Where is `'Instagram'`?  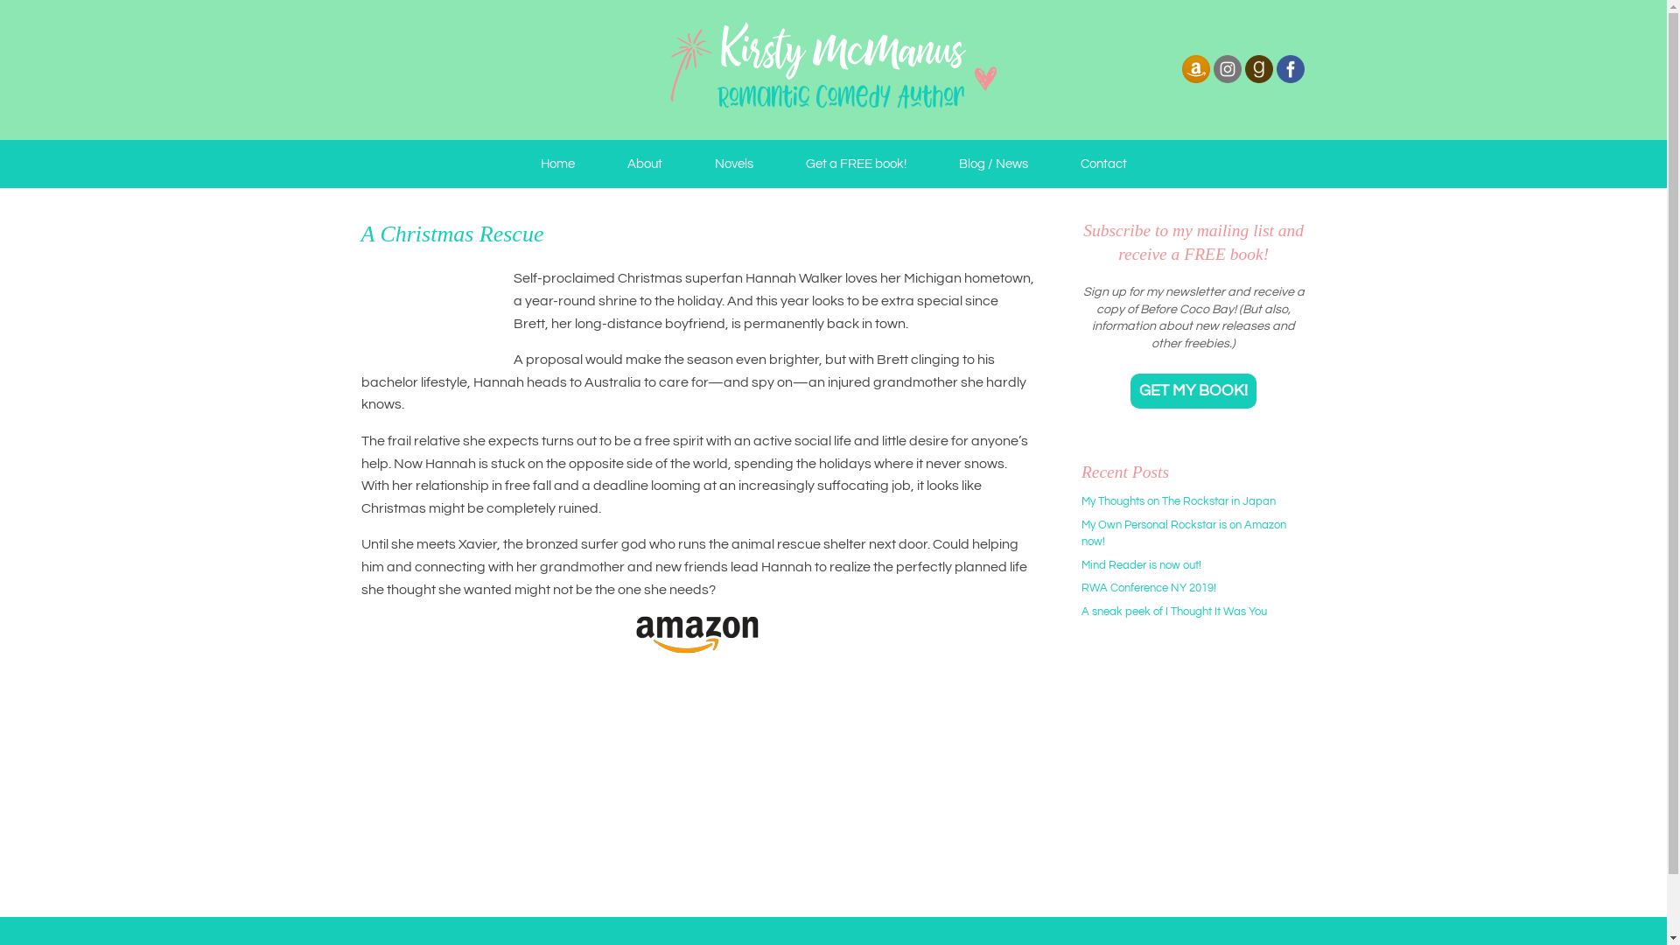 'Instagram' is located at coordinates (1225, 80).